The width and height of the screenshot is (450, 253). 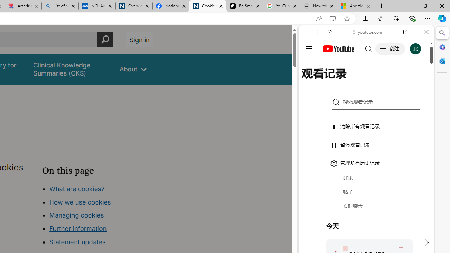 What do you see at coordinates (310, 80) in the screenshot?
I see `'Search Filter, WEB'` at bounding box center [310, 80].